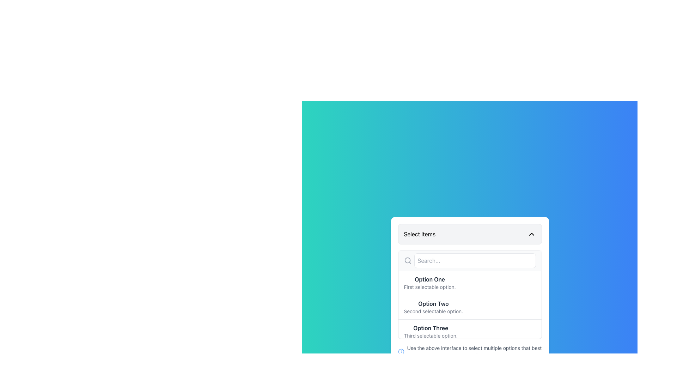 The height and width of the screenshot is (381, 677). What do you see at coordinates (470, 294) in the screenshot?
I see `the options in the 'Select Items' dropdown list` at bounding box center [470, 294].